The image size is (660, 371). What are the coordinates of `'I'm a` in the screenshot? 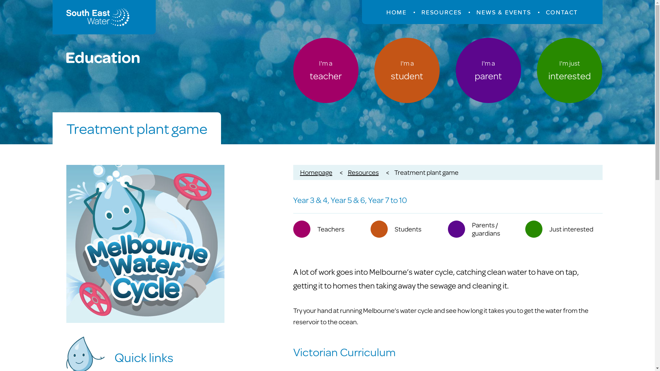 It's located at (325, 70).